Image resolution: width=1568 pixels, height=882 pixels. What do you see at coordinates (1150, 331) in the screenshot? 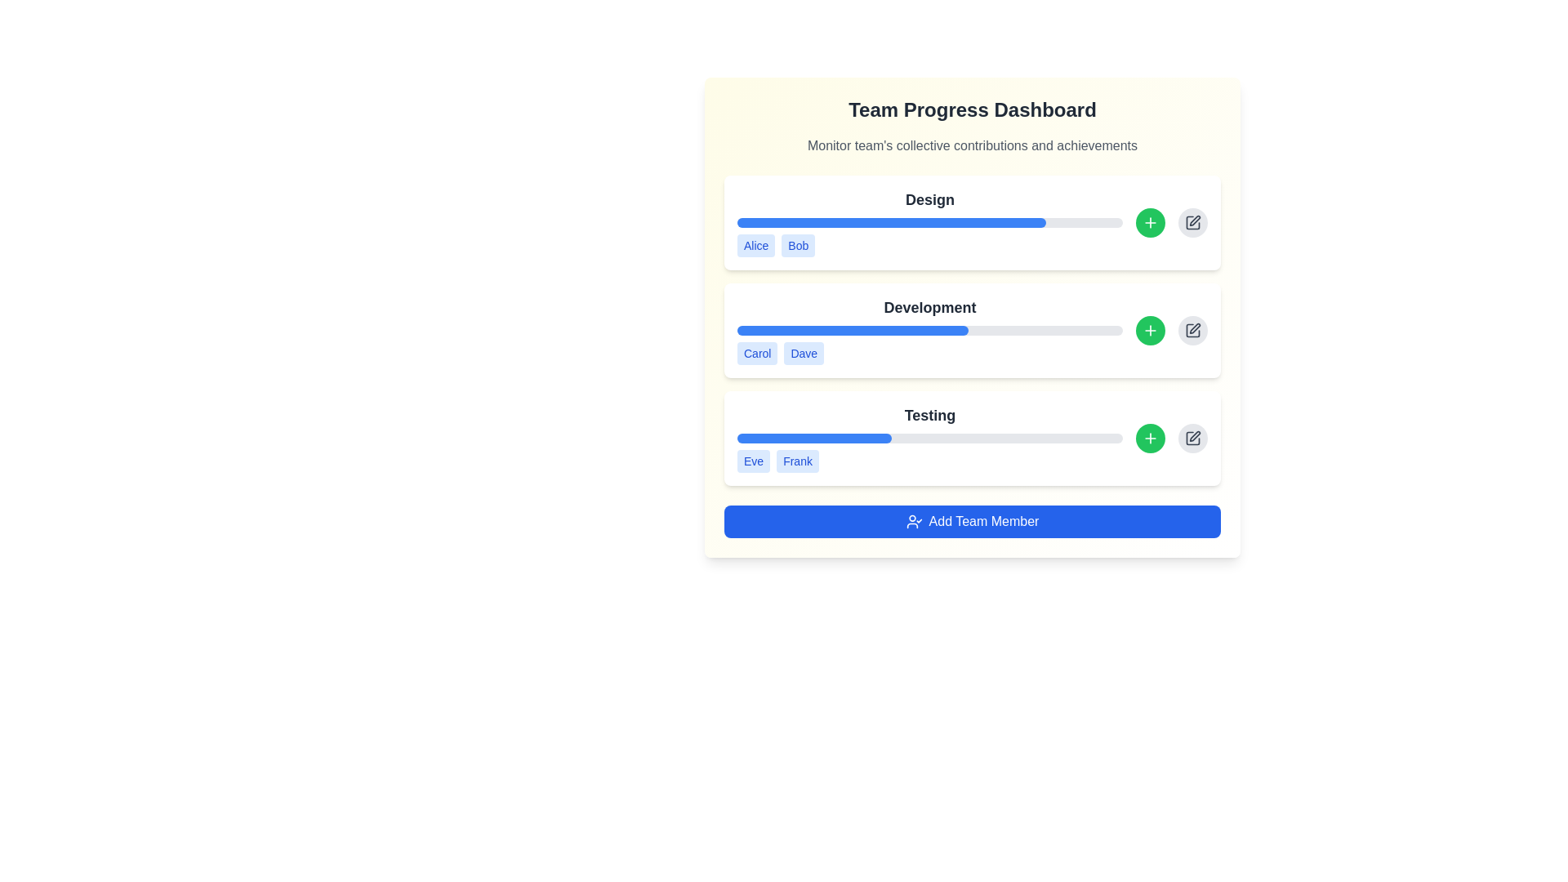
I see `the circular green button with a white plus symbol` at bounding box center [1150, 331].